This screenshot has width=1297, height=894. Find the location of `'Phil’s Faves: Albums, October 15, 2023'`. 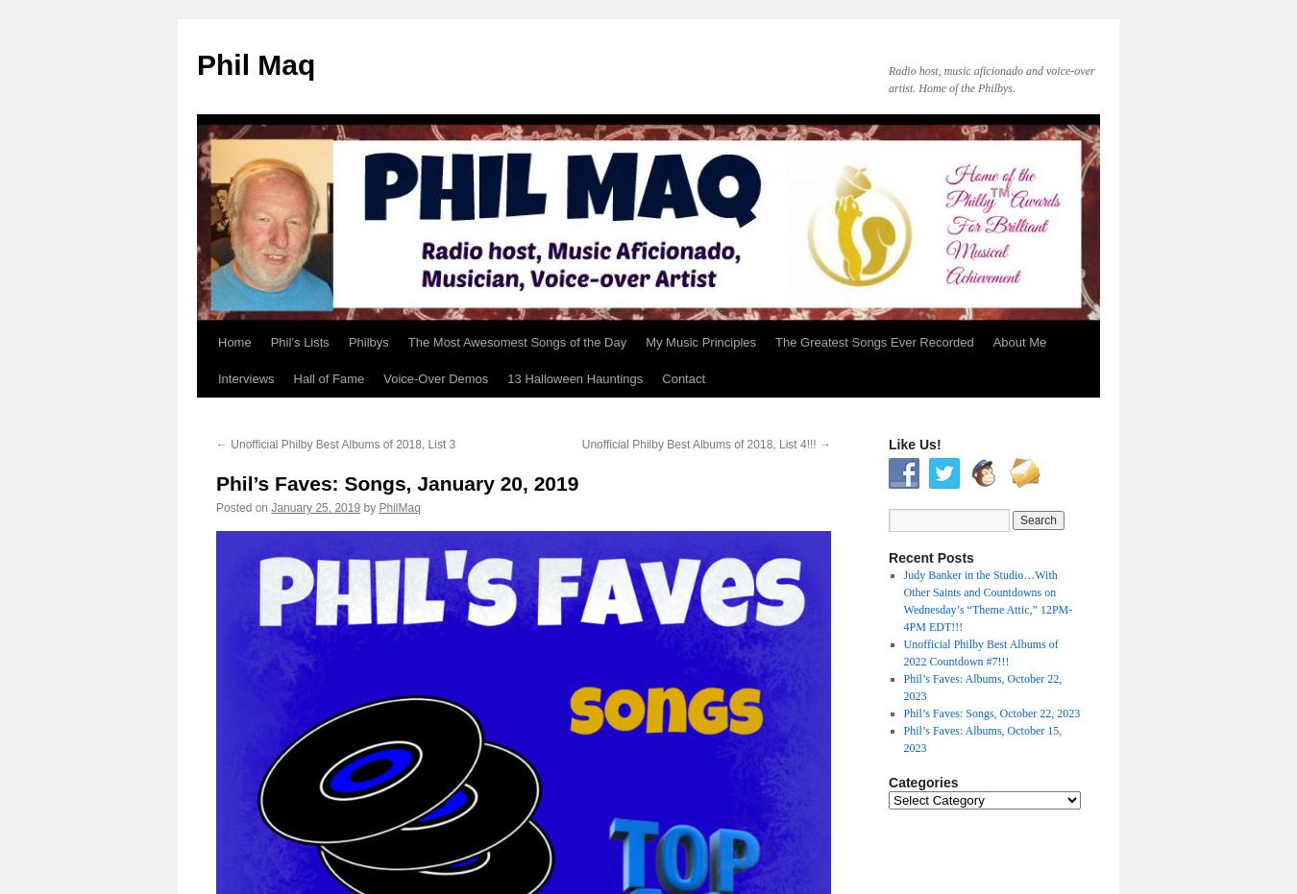

'Phil’s Faves: Albums, October 15, 2023' is located at coordinates (982, 739).